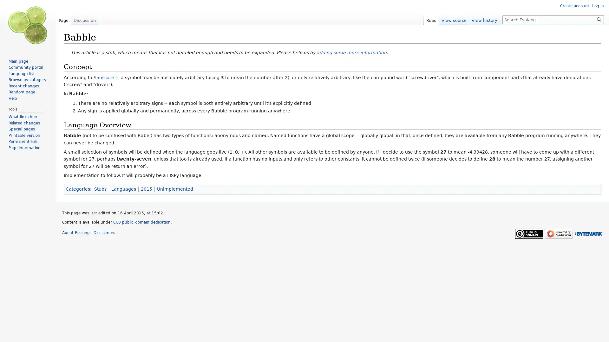  What do you see at coordinates (599, 19) in the screenshot?
I see `Search` at bounding box center [599, 19].